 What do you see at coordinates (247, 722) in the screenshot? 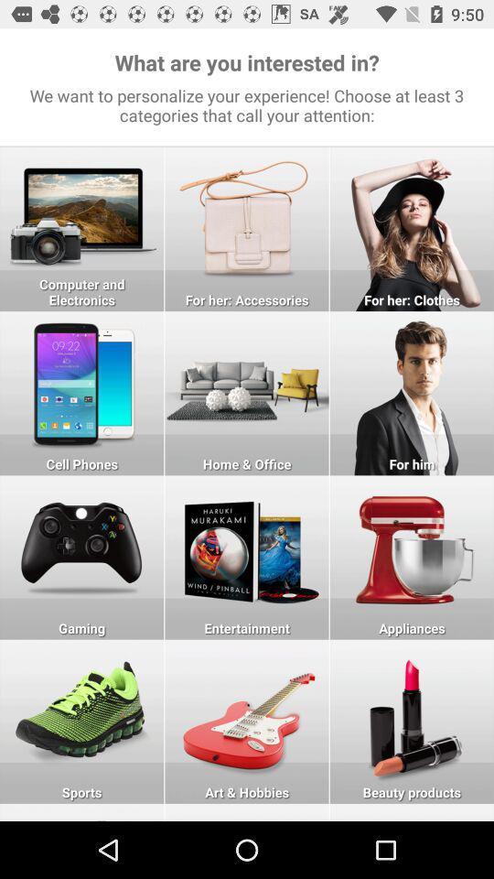
I see `click on art hobbies` at bounding box center [247, 722].